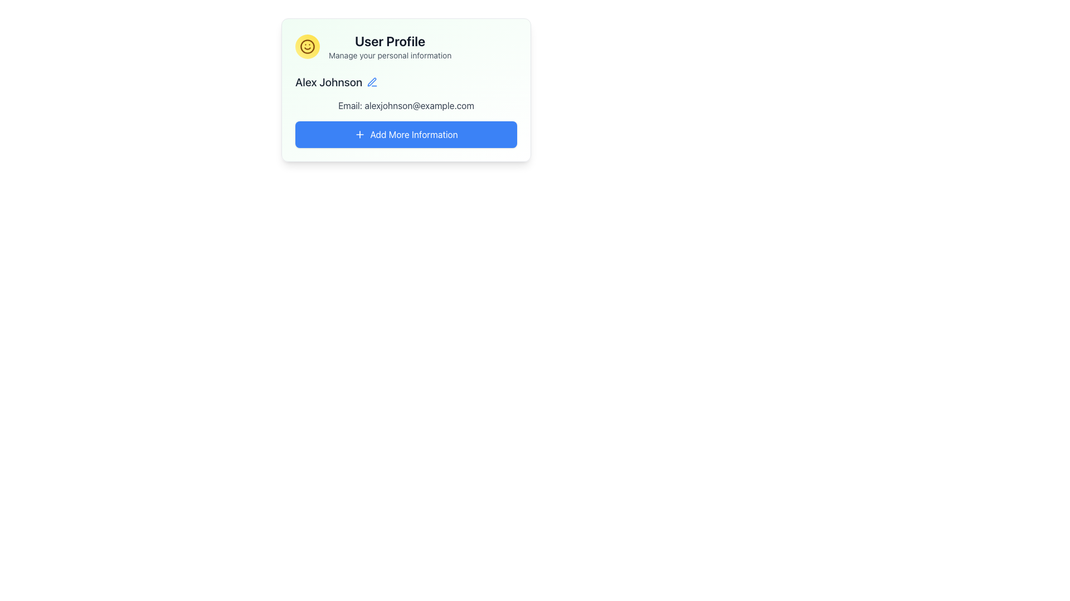 The width and height of the screenshot is (1070, 601). I want to click on the user profile icon located at the top-left corner of the user profile card, which features a circular shape with a gradient background from yellow to a lighter shade, so click(308, 46).